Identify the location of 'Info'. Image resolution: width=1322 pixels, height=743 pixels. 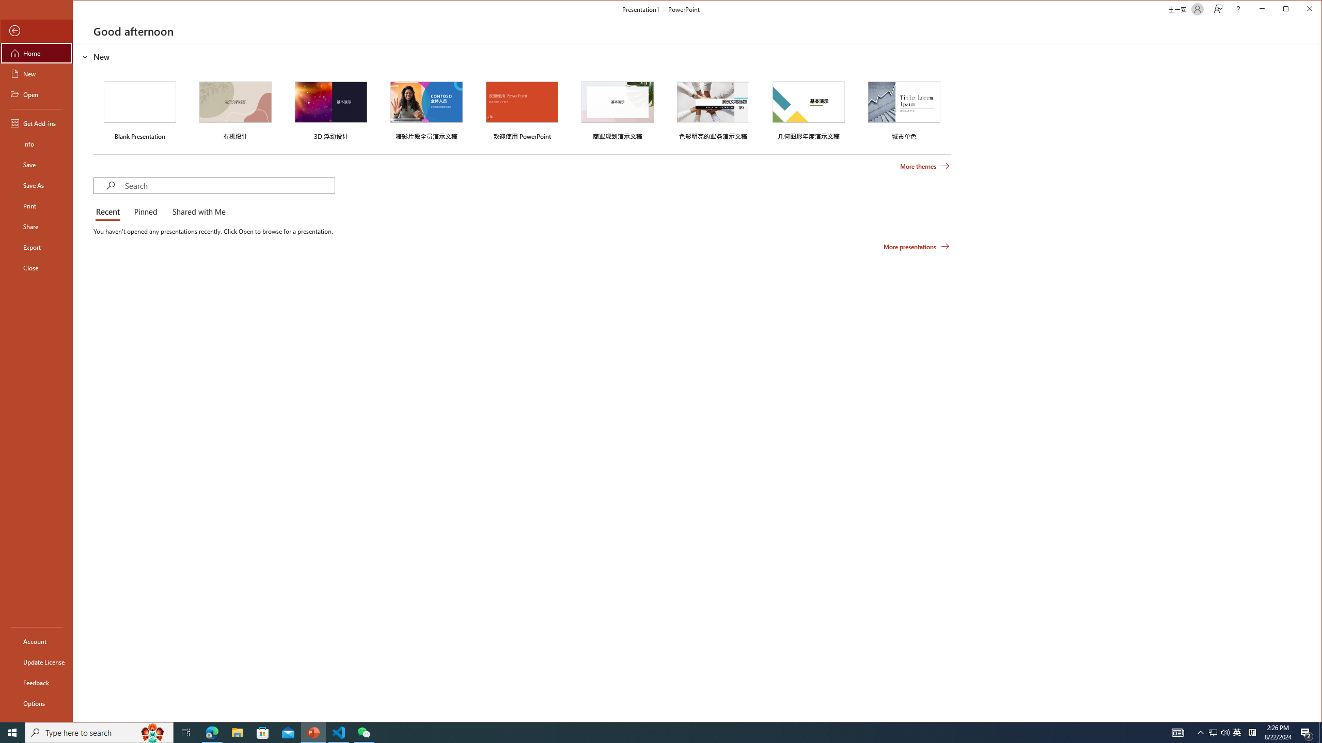
(36, 144).